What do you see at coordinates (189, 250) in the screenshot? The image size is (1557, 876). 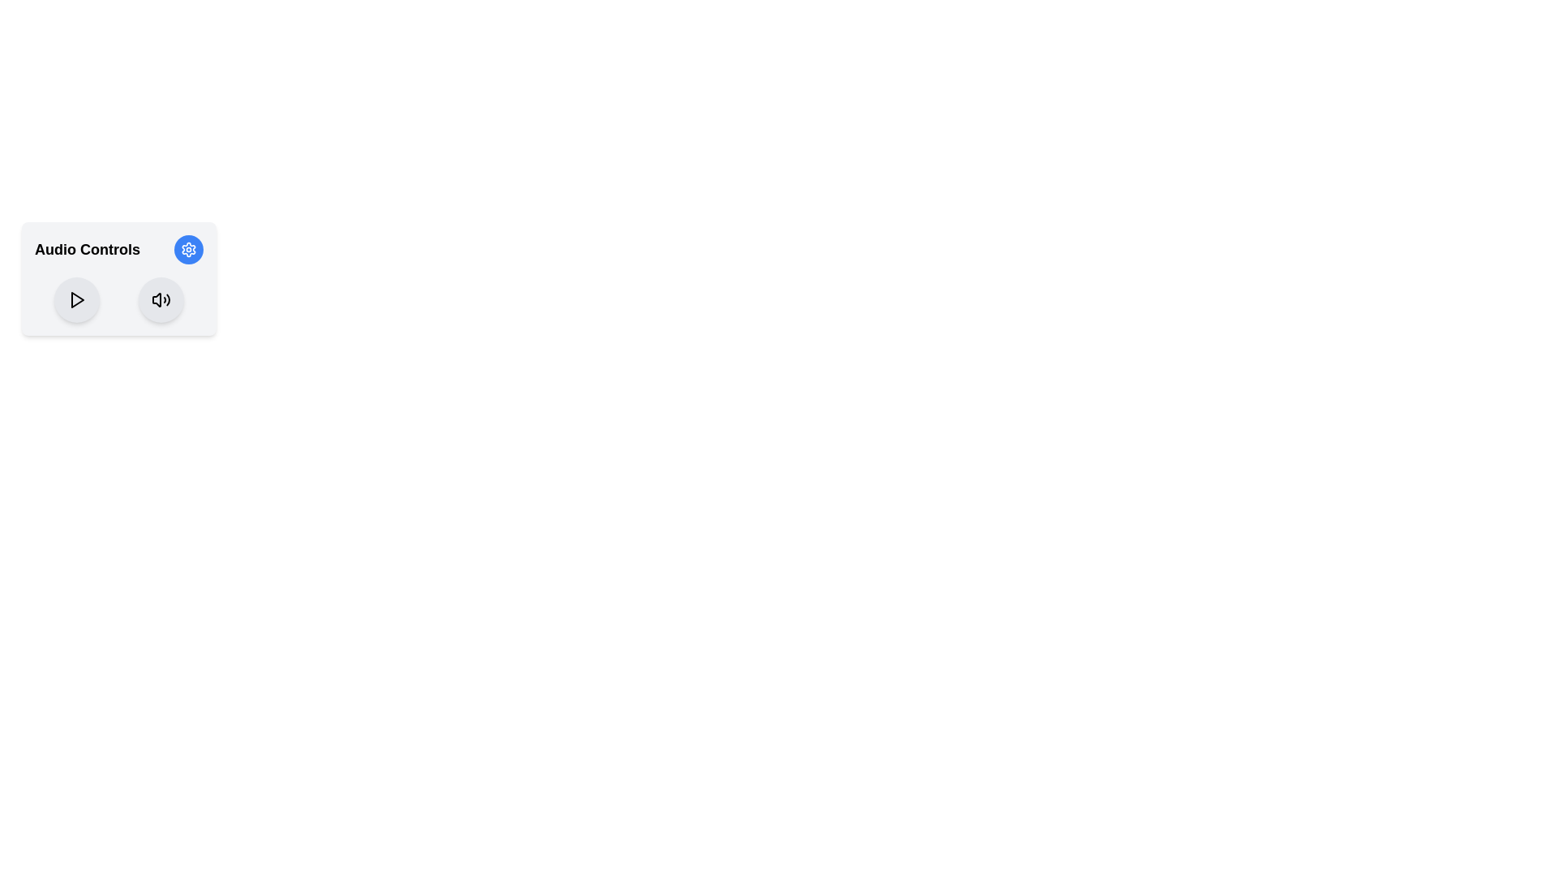 I see `the gear-shaped icon button with a blue background located at the top-right corner of the 'Audio Controls' section` at bounding box center [189, 250].